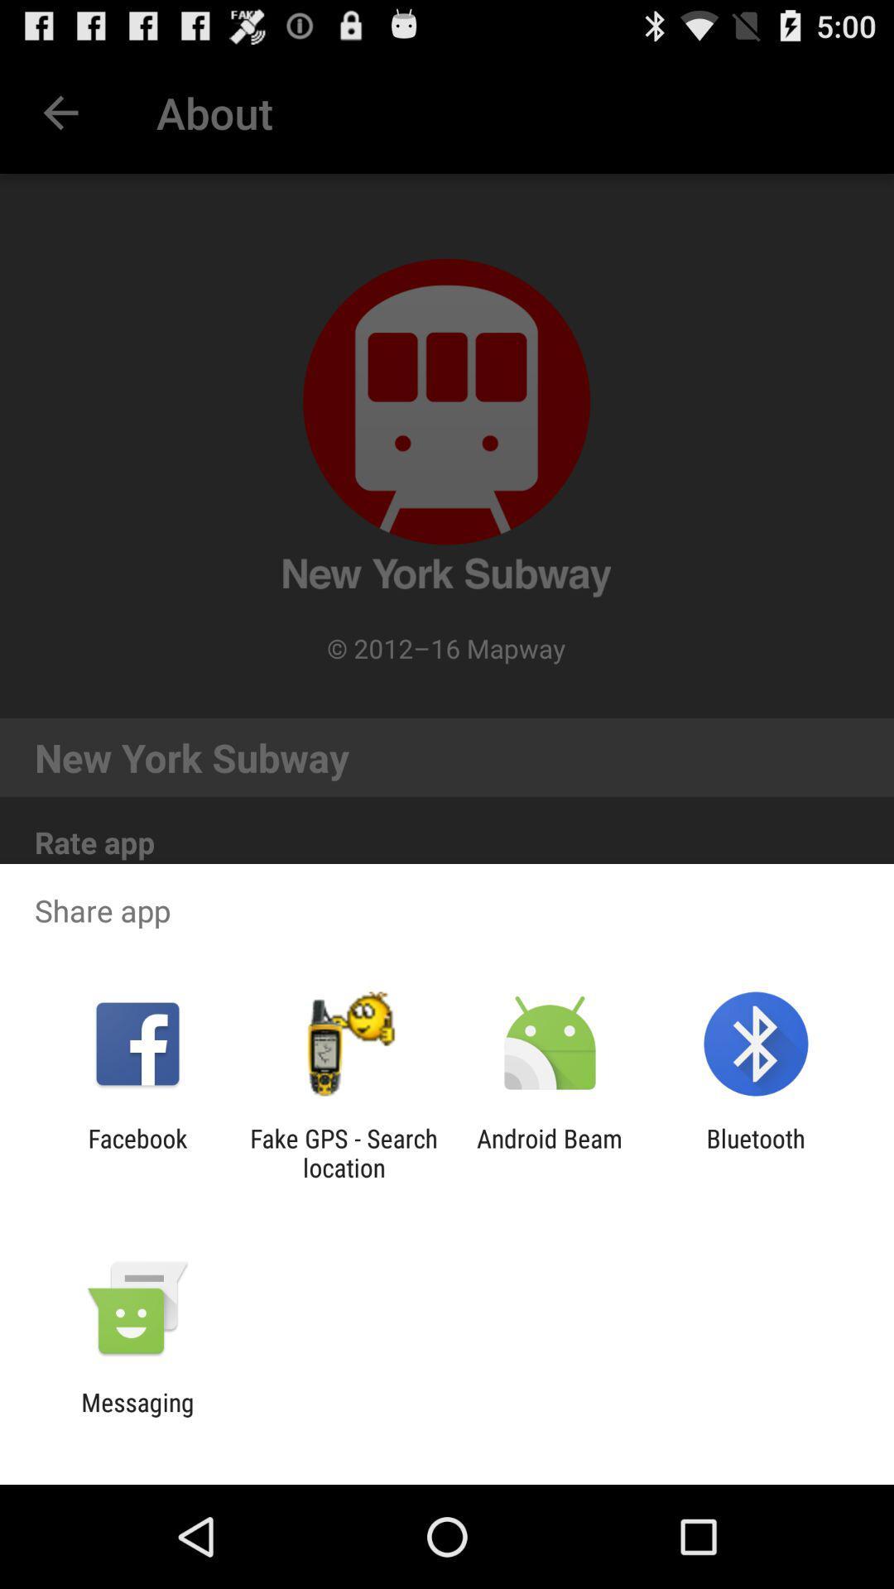  Describe the element at coordinates (756, 1152) in the screenshot. I see `the bluetooth item` at that location.